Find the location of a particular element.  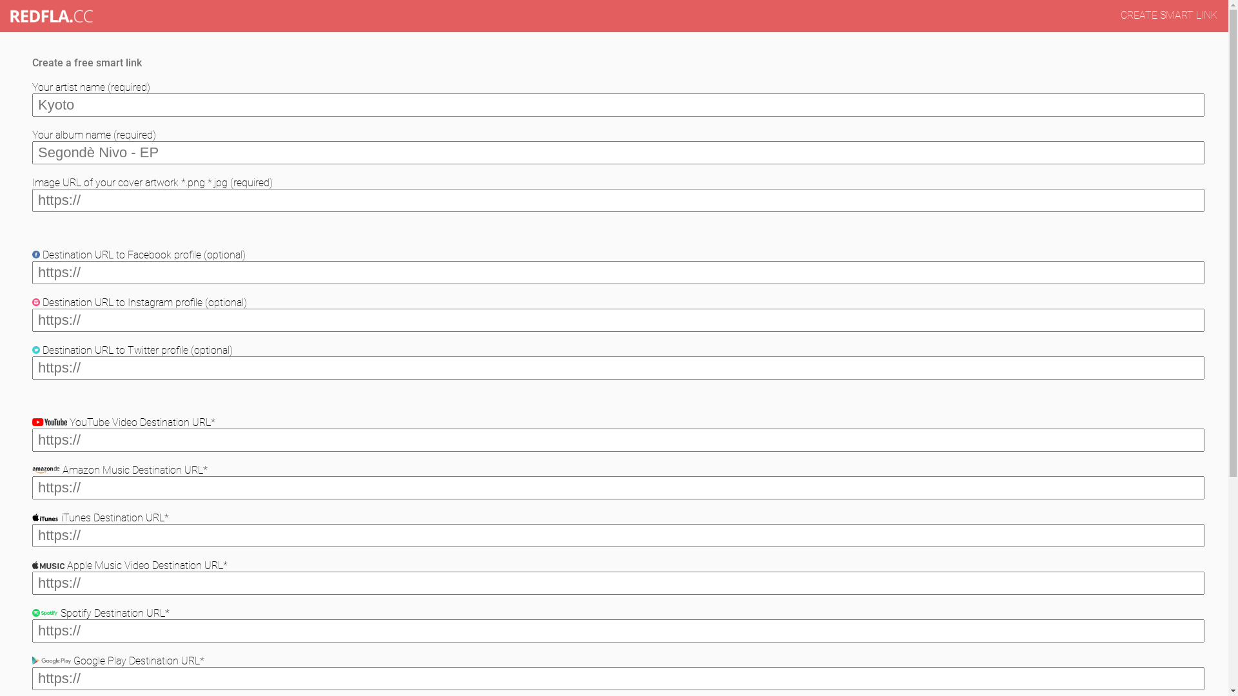

'CREATE SMART LINK' is located at coordinates (1169, 15).